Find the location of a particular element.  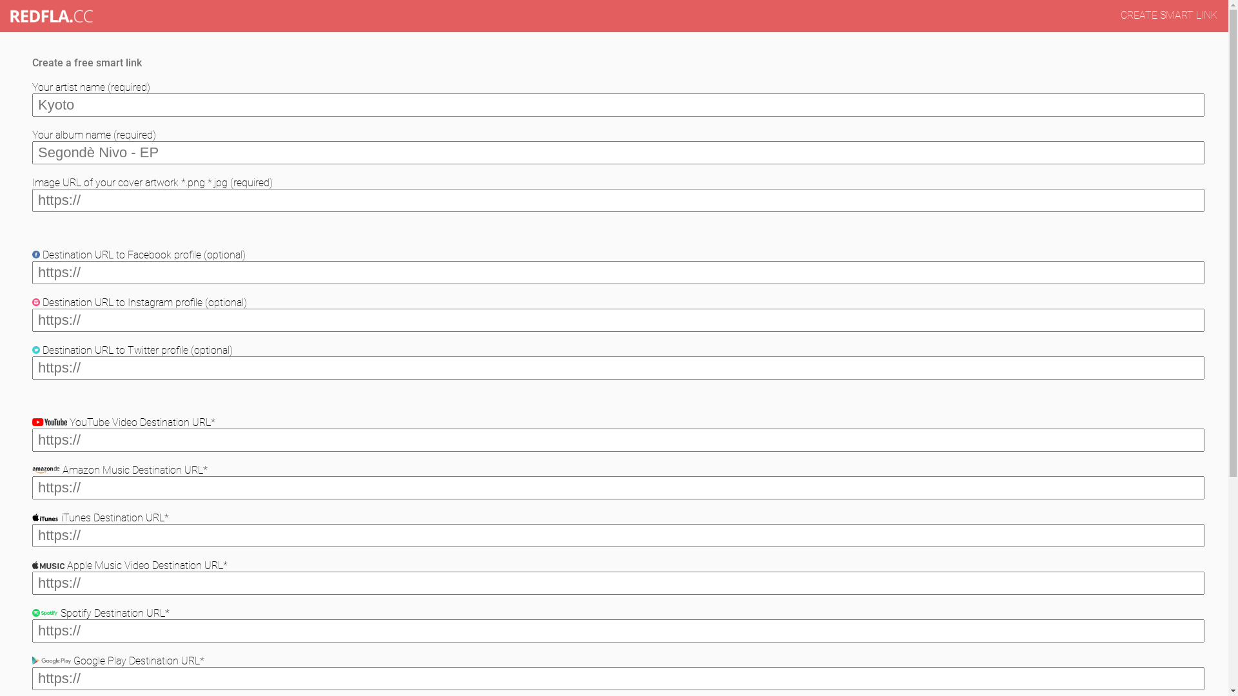

'CREATE SMART LINK' is located at coordinates (1169, 15).